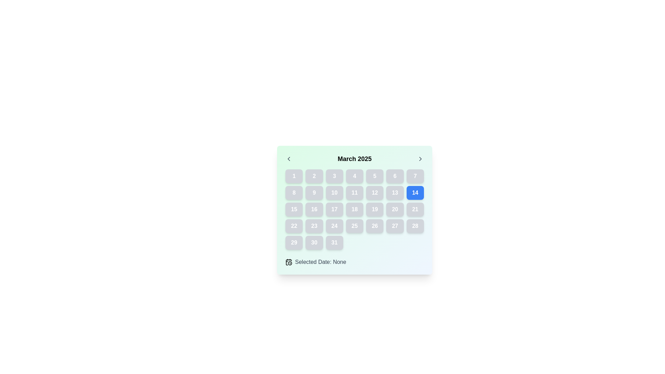 The image size is (665, 374). Describe the element at coordinates (354, 159) in the screenshot. I see `the static text label displaying the current month and year at the top of the calendar interface` at that location.